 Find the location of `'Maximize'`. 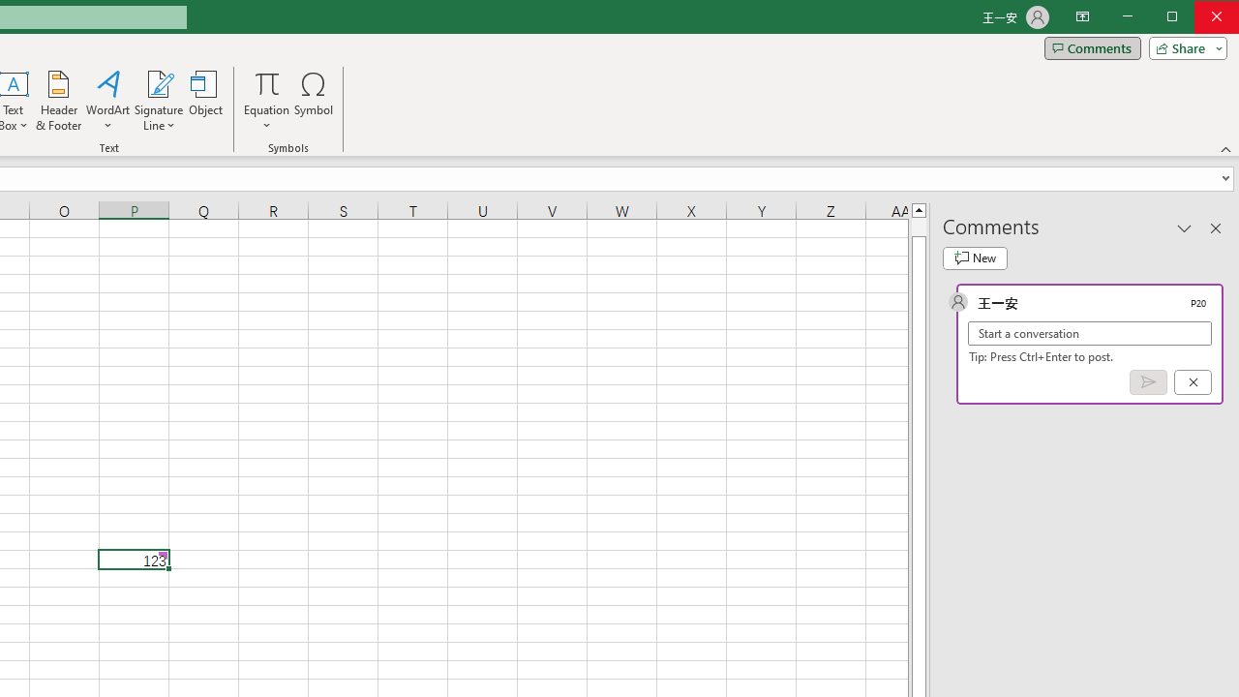

'Maximize' is located at coordinates (1198, 18).